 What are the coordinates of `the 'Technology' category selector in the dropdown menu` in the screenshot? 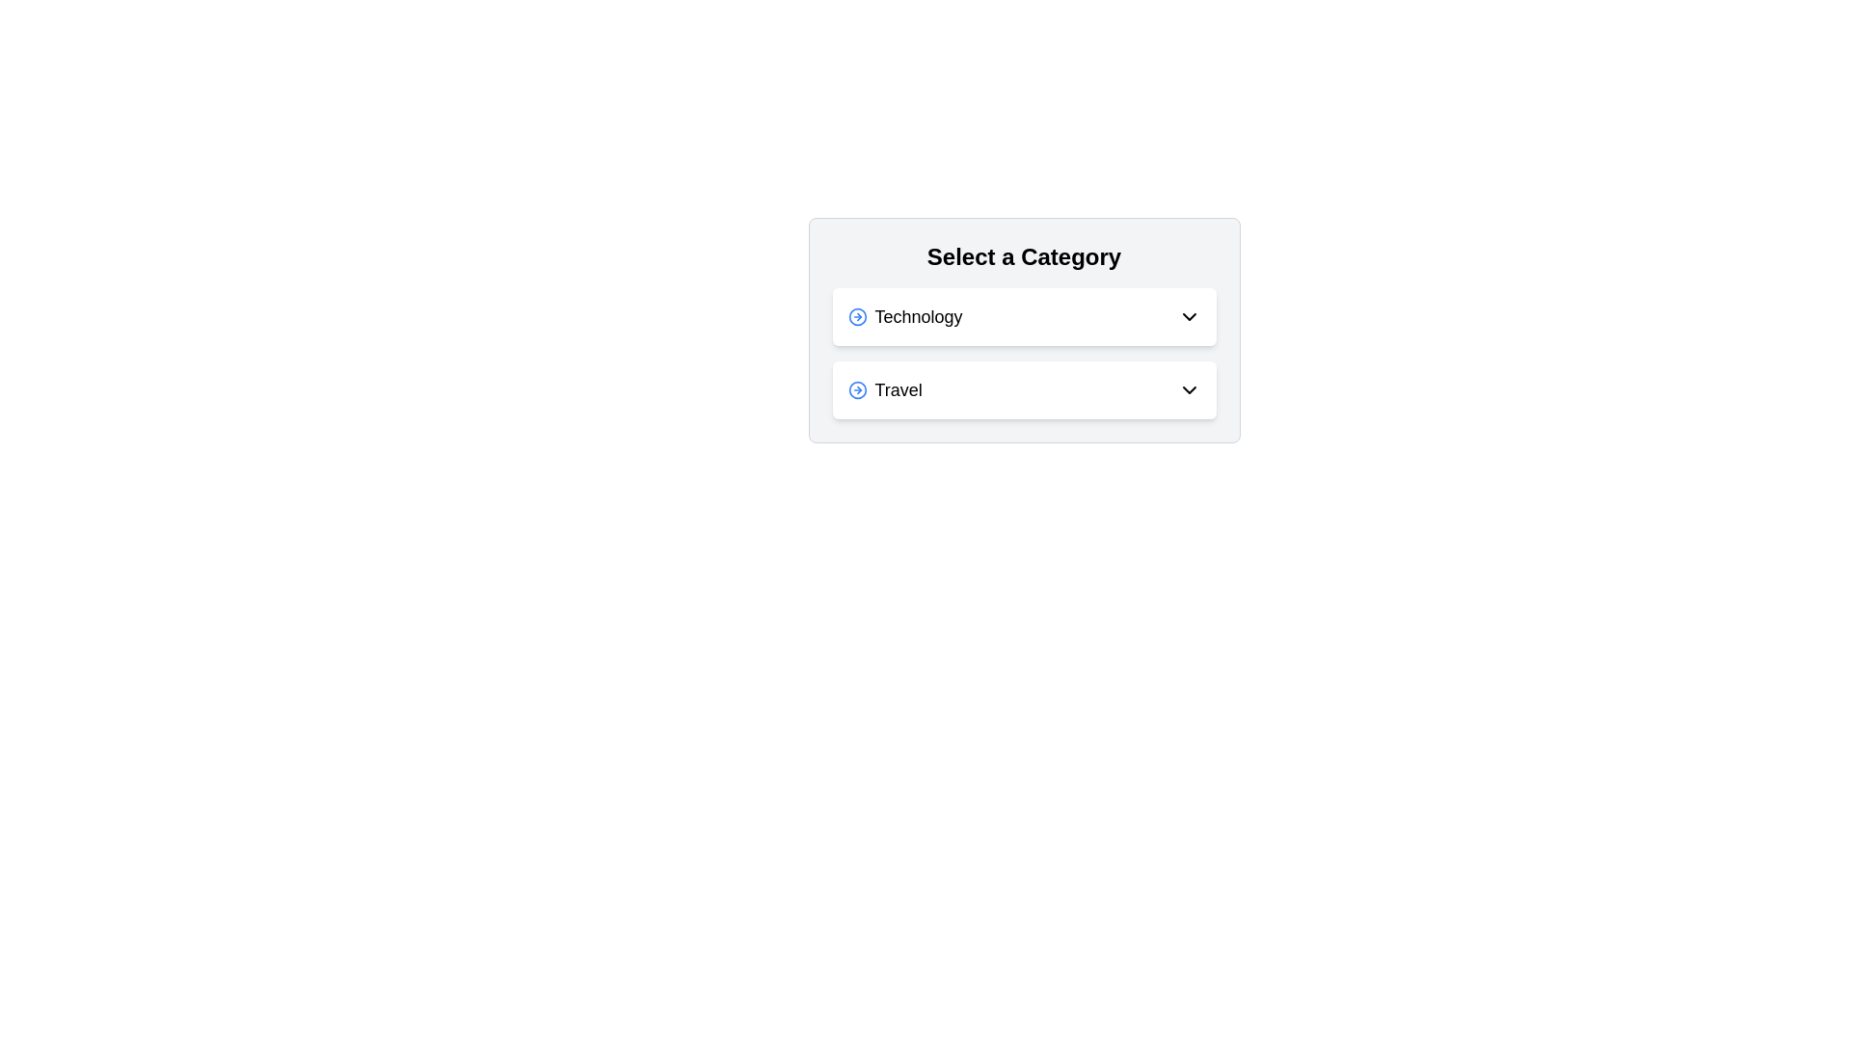 It's located at (1023, 315).